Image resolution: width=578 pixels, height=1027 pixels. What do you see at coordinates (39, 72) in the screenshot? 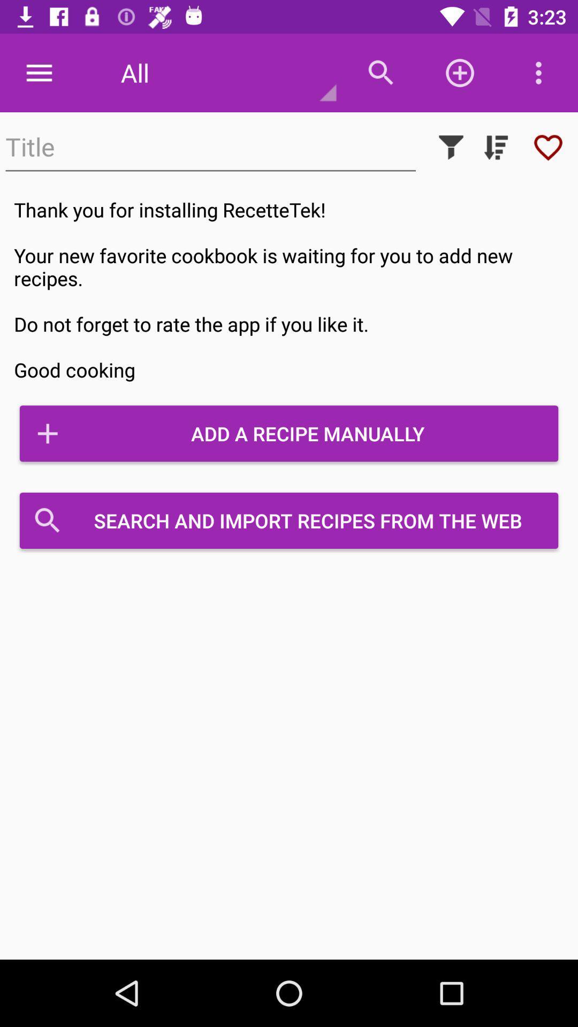
I see `item at the top left corner` at bounding box center [39, 72].